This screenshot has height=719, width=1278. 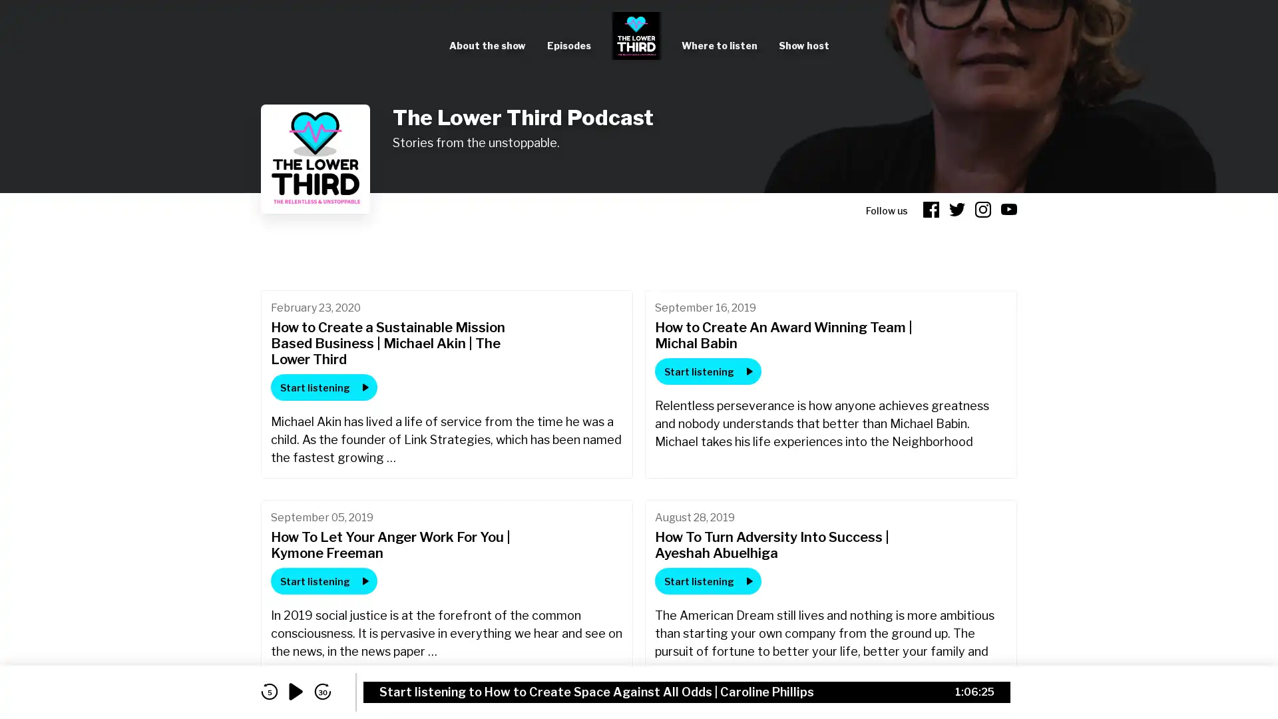 I want to click on Start listening, so click(x=708, y=371).